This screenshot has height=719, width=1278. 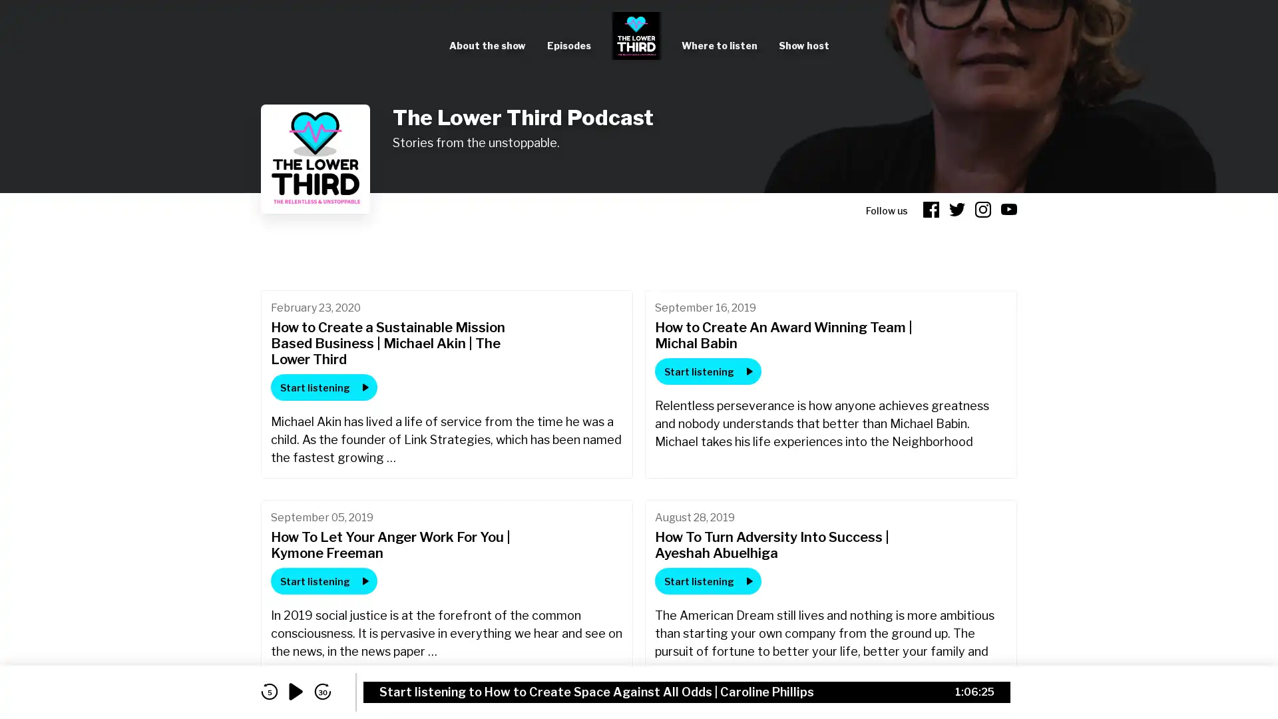 I want to click on Start listening, so click(x=708, y=371).